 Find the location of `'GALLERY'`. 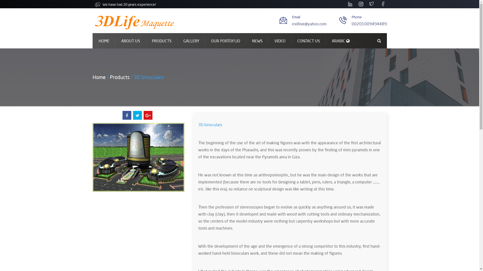

'GALLERY' is located at coordinates (190, 40).